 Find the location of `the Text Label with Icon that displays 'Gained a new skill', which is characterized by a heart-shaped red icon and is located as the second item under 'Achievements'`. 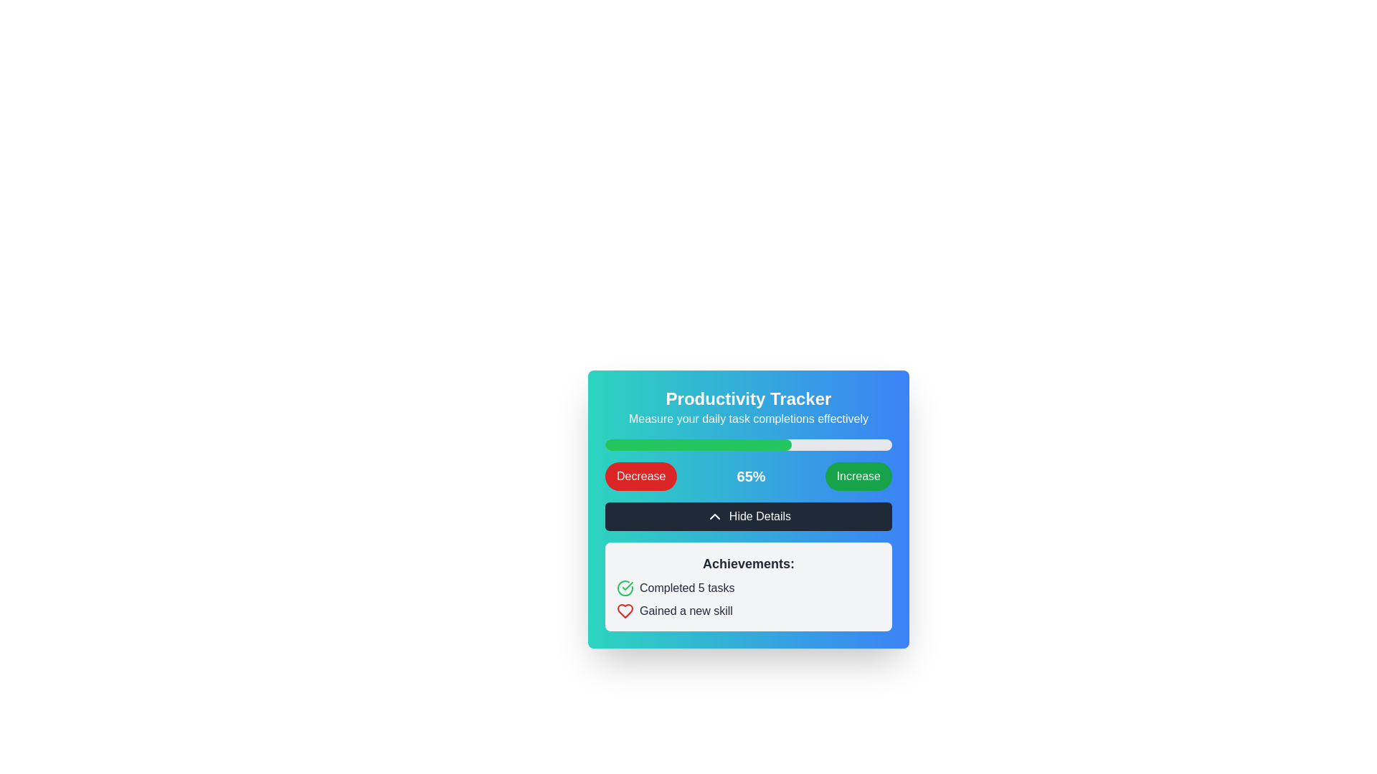

the Text Label with Icon that displays 'Gained a new skill', which is characterized by a heart-shaped red icon and is located as the second item under 'Achievements' is located at coordinates (747, 611).